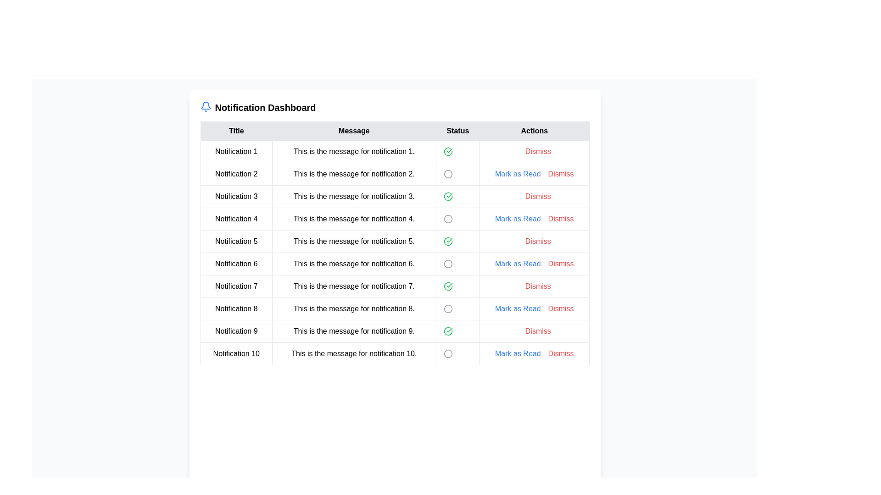 The width and height of the screenshot is (881, 495). What do you see at coordinates (560, 264) in the screenshot?
I see `the Link Button in the 'Actions' column associated with 'Notification 6' to observe any potential visual effect` at bounding box center [560, 264].